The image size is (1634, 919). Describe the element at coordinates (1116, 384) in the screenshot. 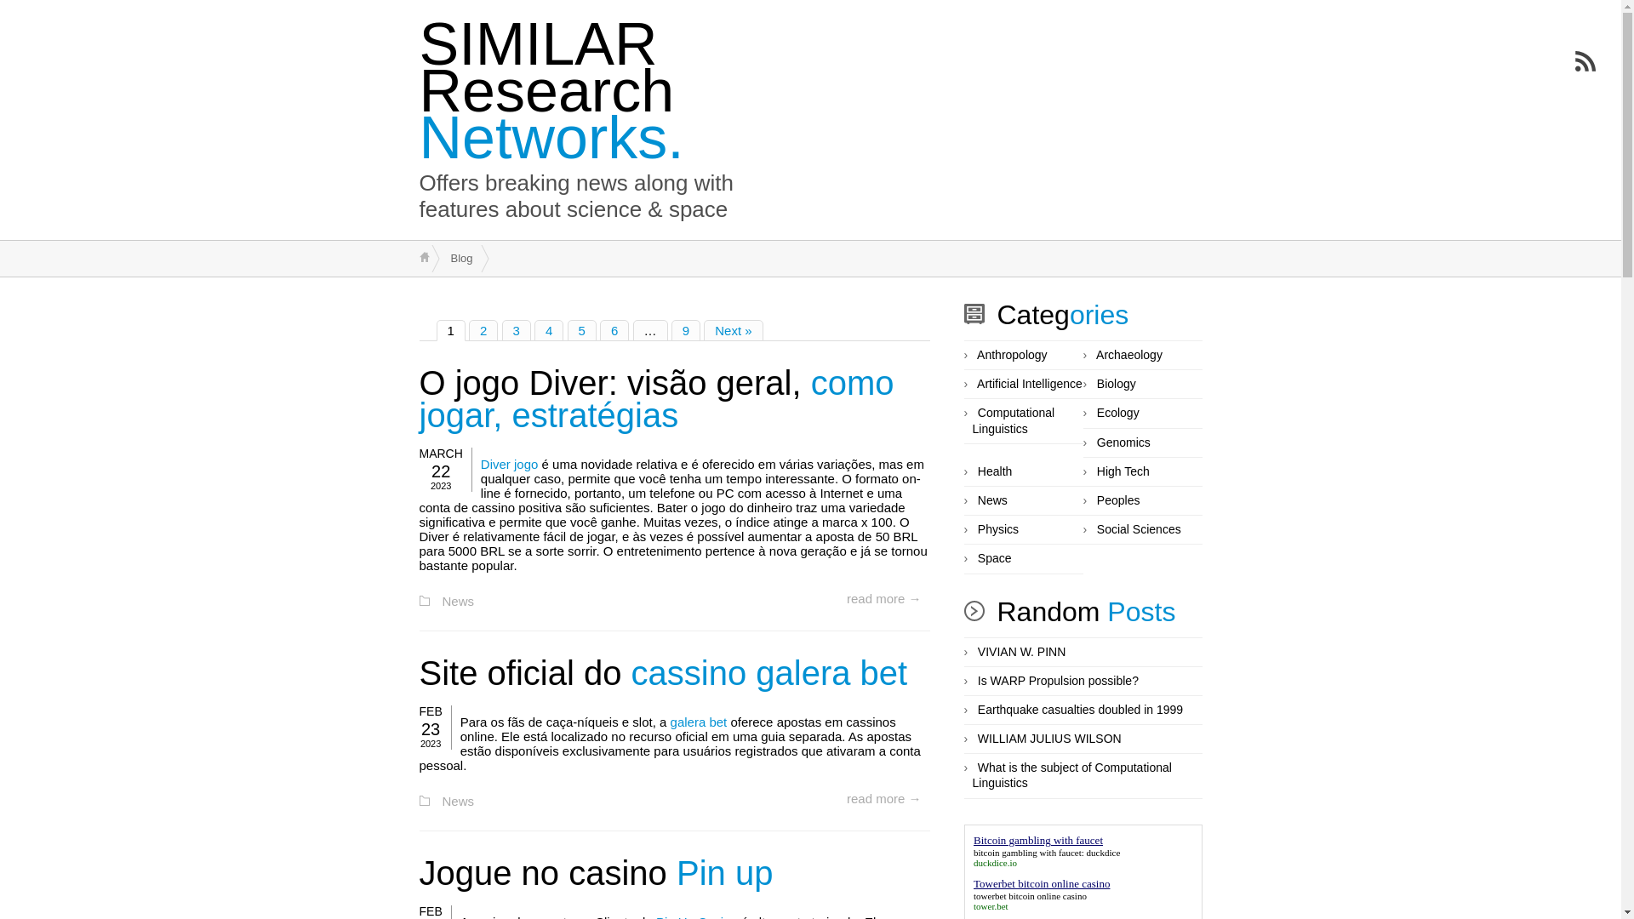

I see `'Biology'` at that location.